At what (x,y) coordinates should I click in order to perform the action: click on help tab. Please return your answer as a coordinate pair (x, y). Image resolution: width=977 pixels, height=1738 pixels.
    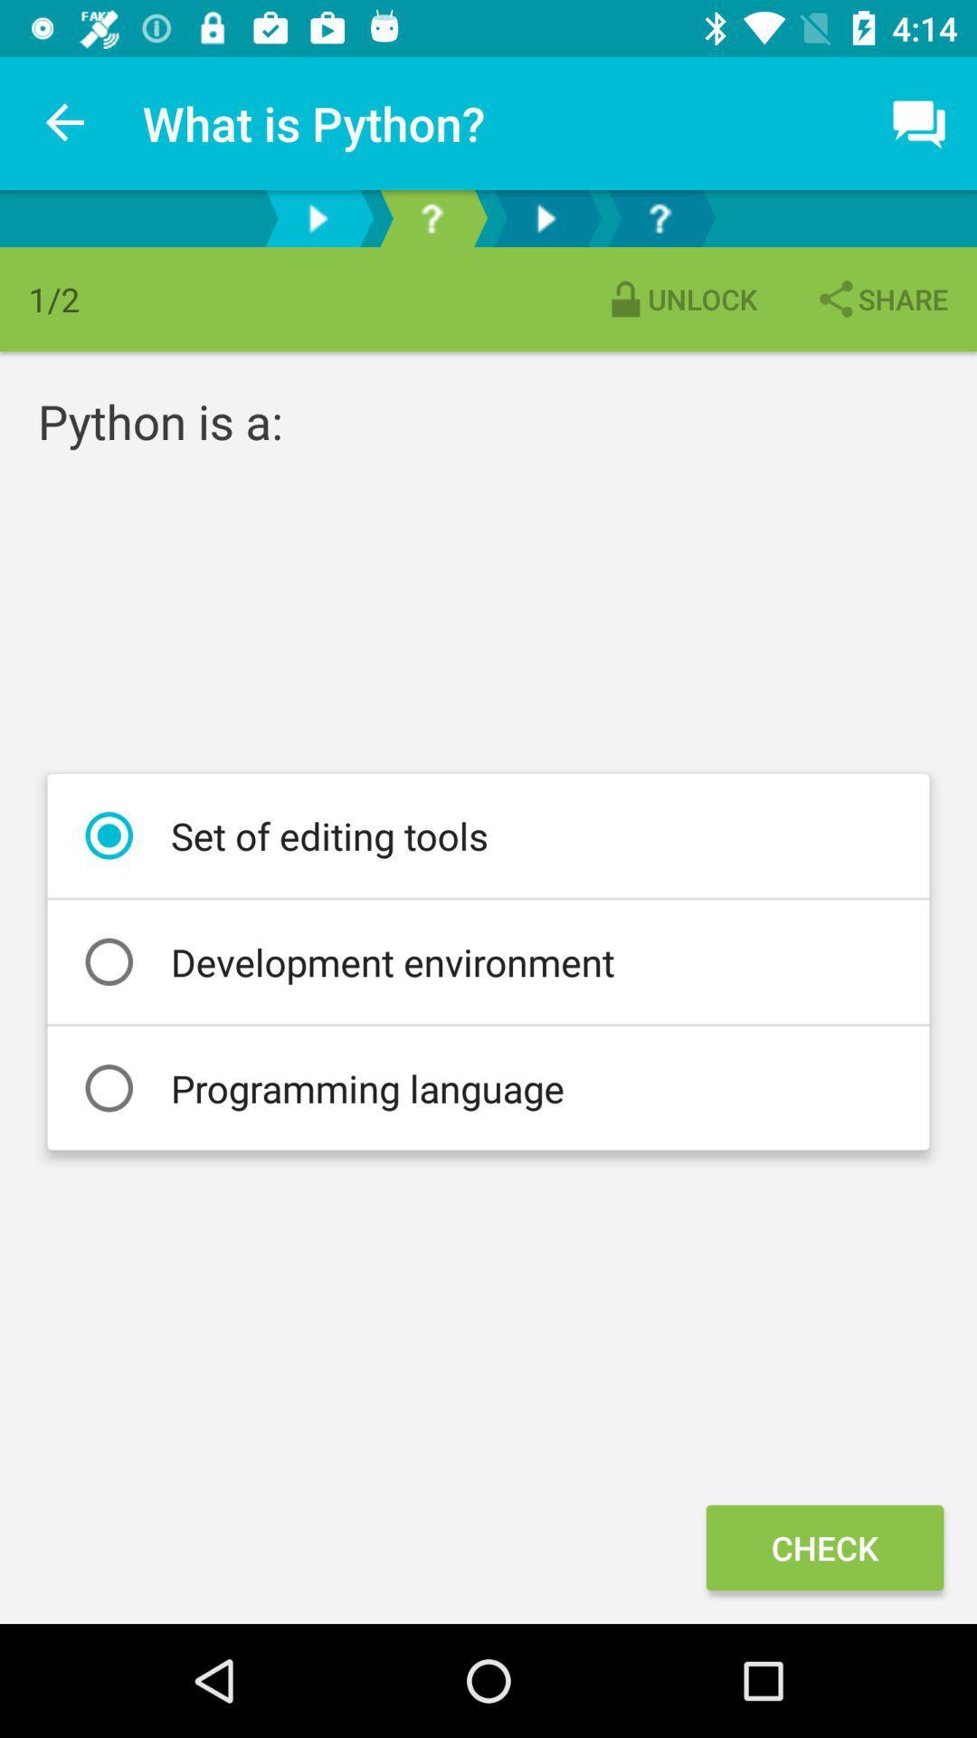
    Looking at the image, I should click on (659, 217).